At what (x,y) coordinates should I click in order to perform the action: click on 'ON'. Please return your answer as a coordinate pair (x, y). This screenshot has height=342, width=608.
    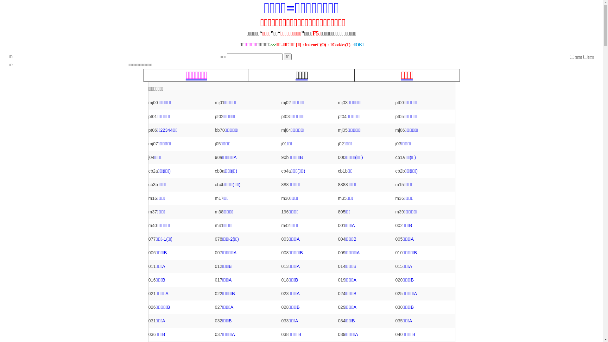
    Looking at the image, I should click on (572, 56).